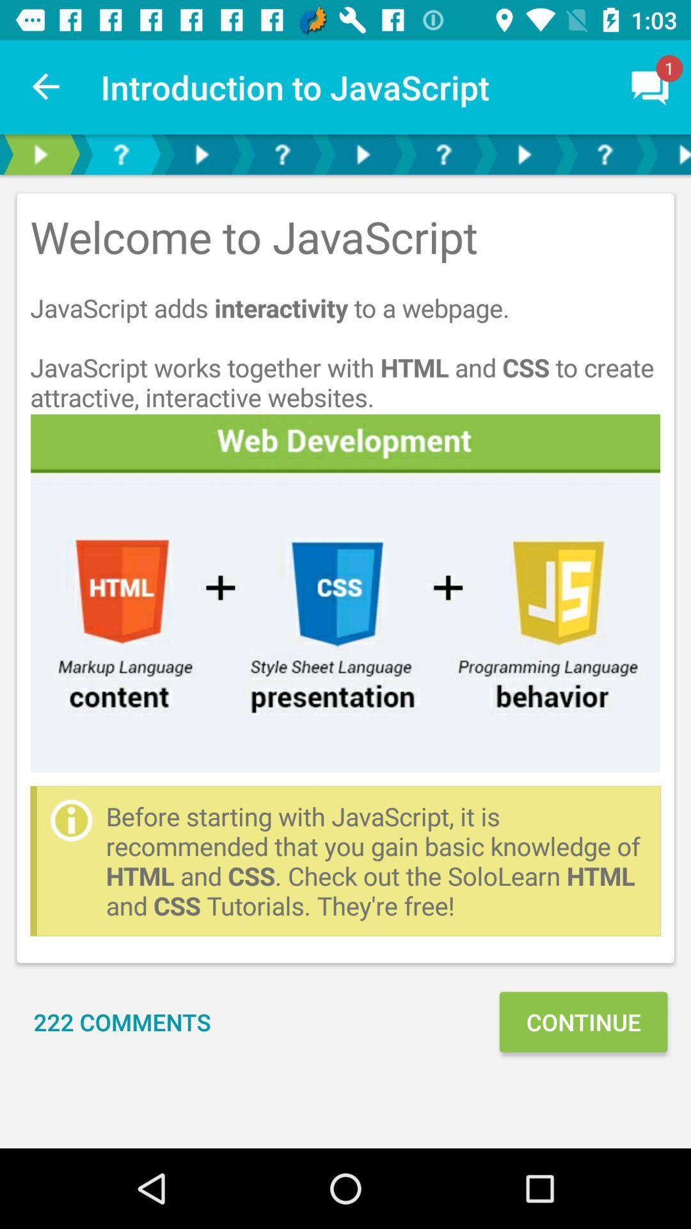  Describe the element at coordinates (443, 154) in the screenshot. I see `open the faqs` at that location.